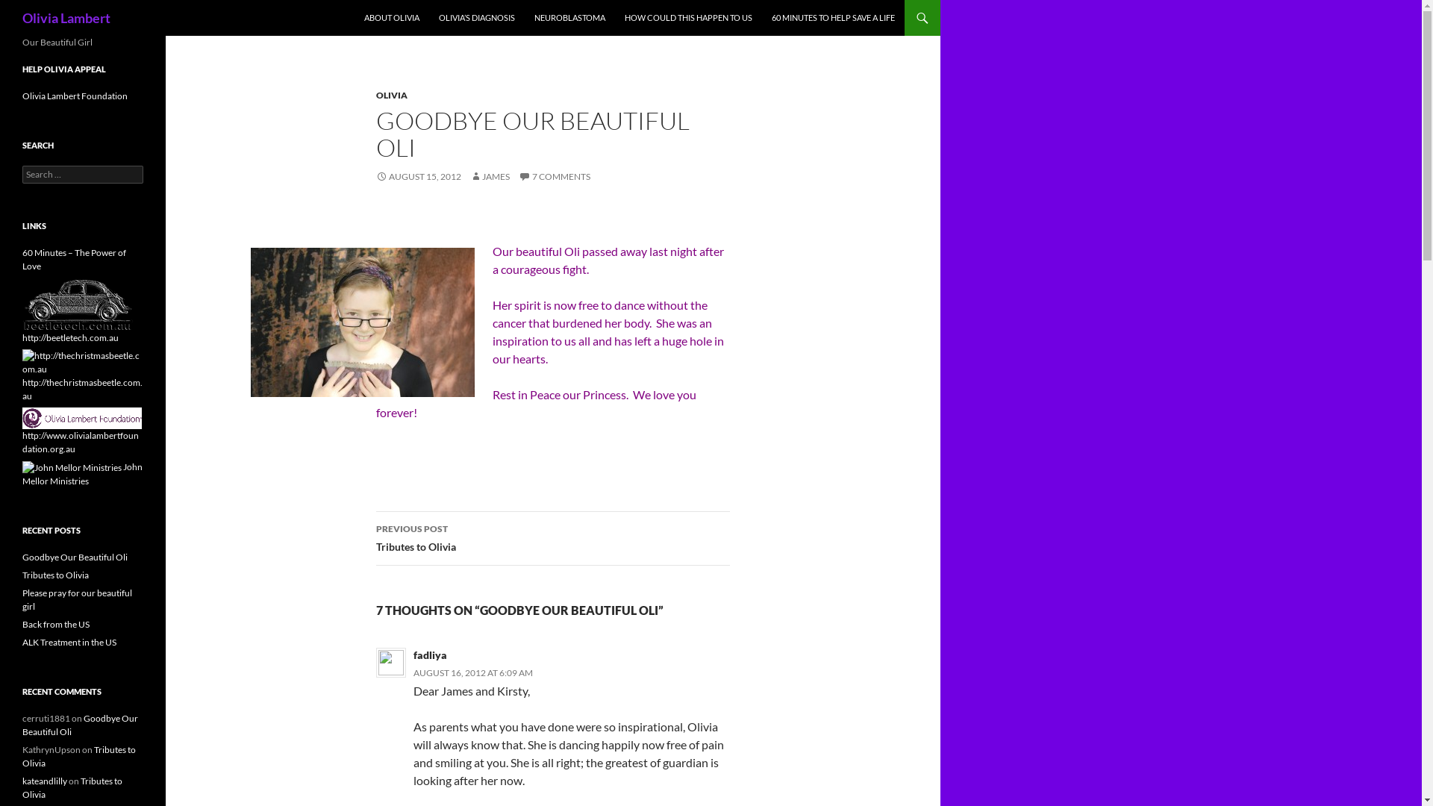 This screenshot has width=1433, height=806. What do you see at coordinates (469, 175) in the screenshot?
I see `'JAMES'` at bounding box center [469, 175].